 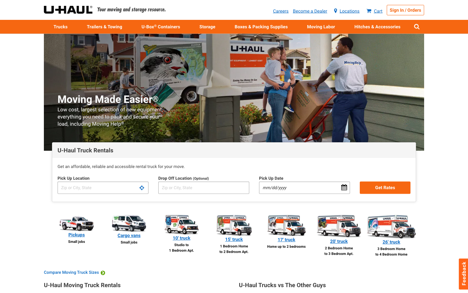 What do you see at coordinates (103, 188) in the screenshot?
I see `Fetch truck rental rates for location A` at bounding box center [103, 188].